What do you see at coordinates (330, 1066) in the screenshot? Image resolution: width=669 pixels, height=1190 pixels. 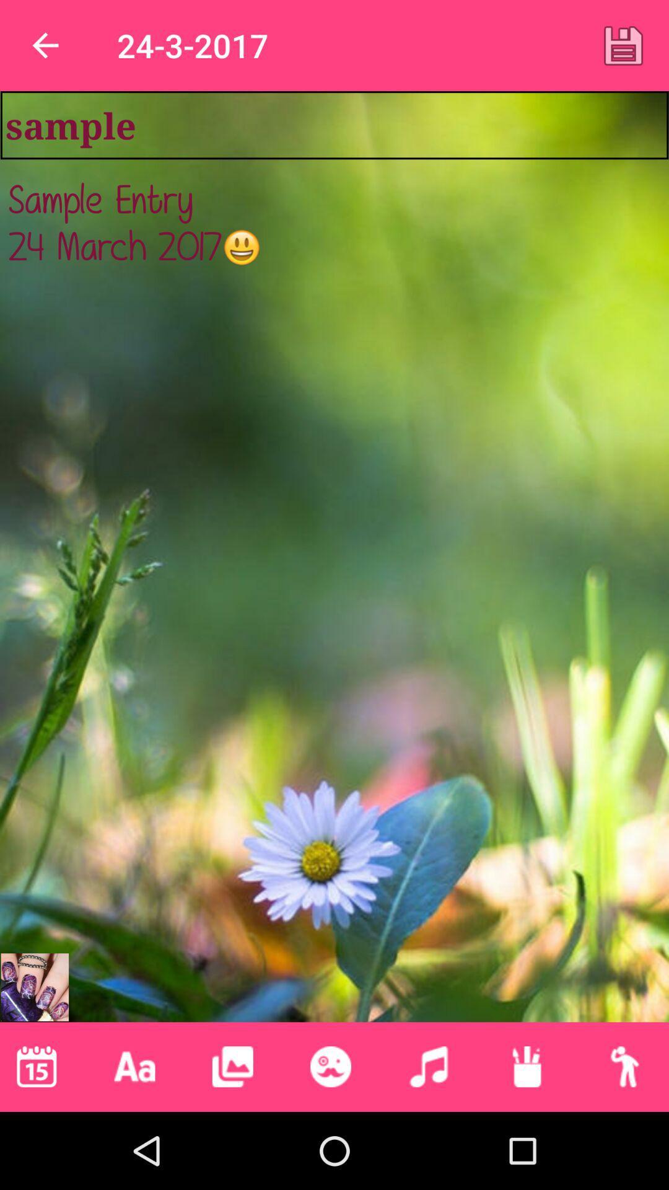 I see `activate emoji` at bounding box center [330, 1066].